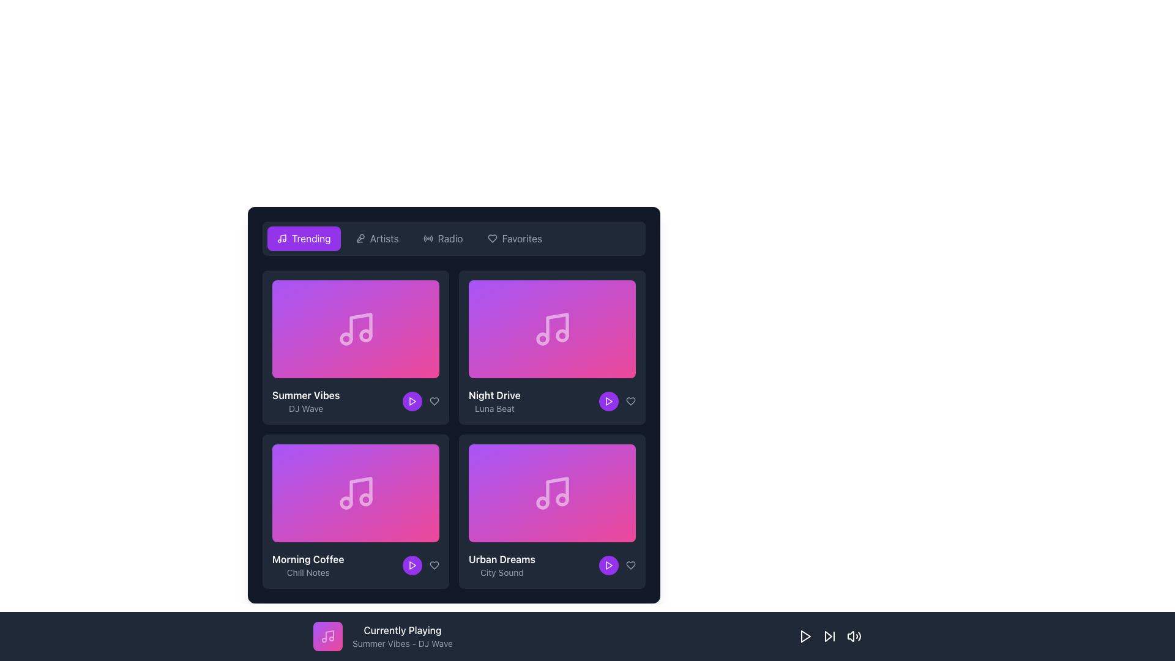  I want to click on the 'Trending' text label located in the top-left corner of the main navigation bar, immediately to the right of the music icon, so click(311, 238).